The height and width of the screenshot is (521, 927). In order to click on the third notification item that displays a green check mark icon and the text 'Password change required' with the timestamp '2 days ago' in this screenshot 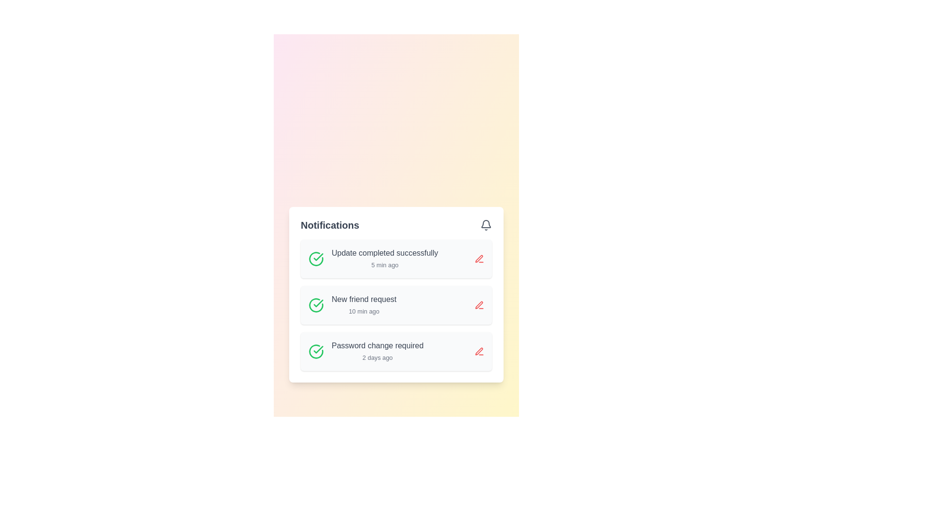, I will do `click(365, 352)`.